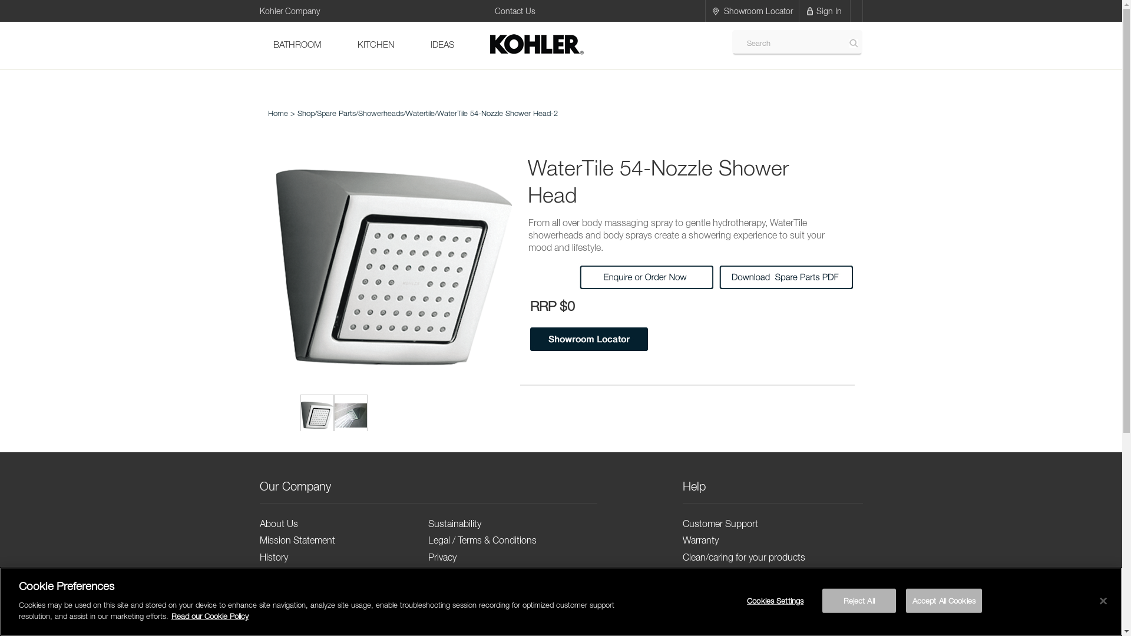 This screenshot has height=636, width=1131. What do you see at coordinates (317, 415) in the screenshot?
I see `' '` at bounding box center [317, 415].